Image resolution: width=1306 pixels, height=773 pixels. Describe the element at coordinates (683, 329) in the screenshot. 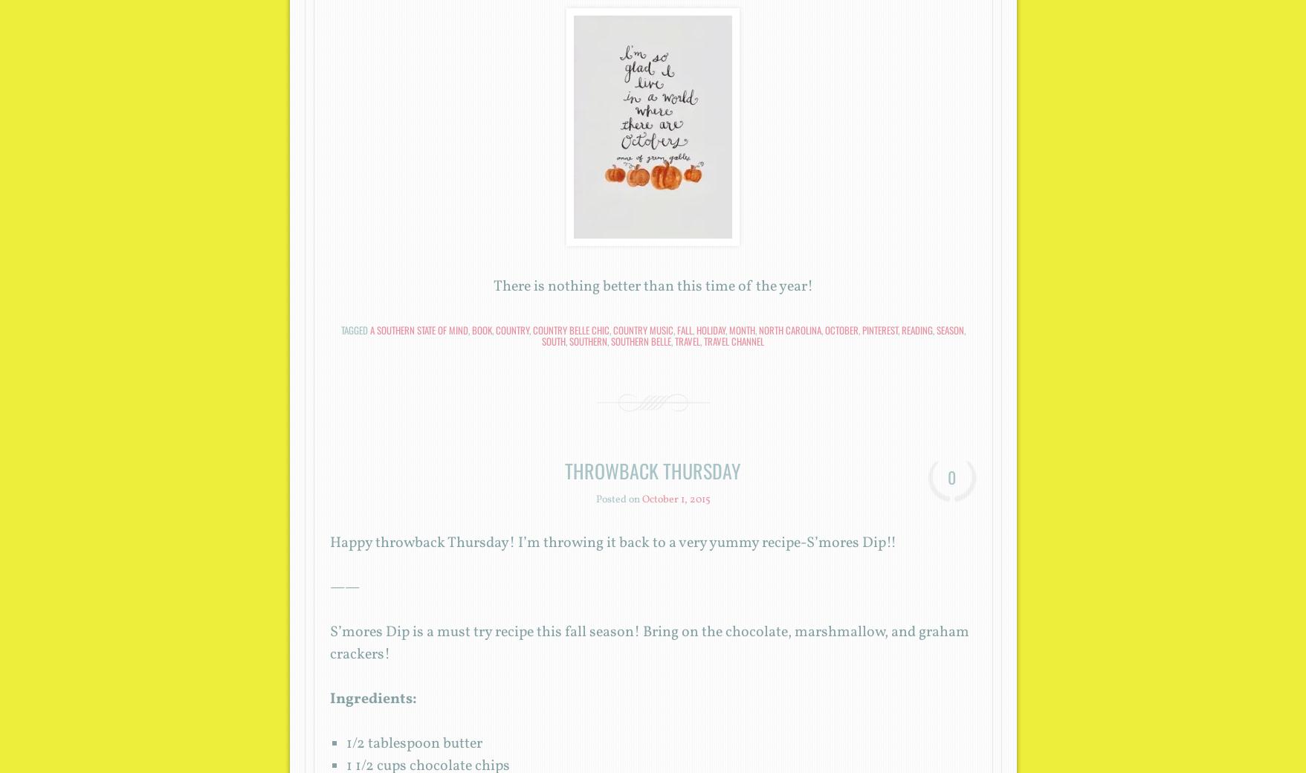

I see `'fall'` at that location.